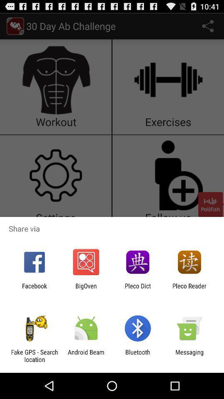  I want to click on pleco reader icon, so click(189, 289).